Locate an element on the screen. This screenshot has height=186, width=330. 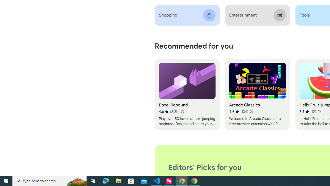
'Learn more about results and reviews "Arcade Classics"' is located at coordinates (251, 111).